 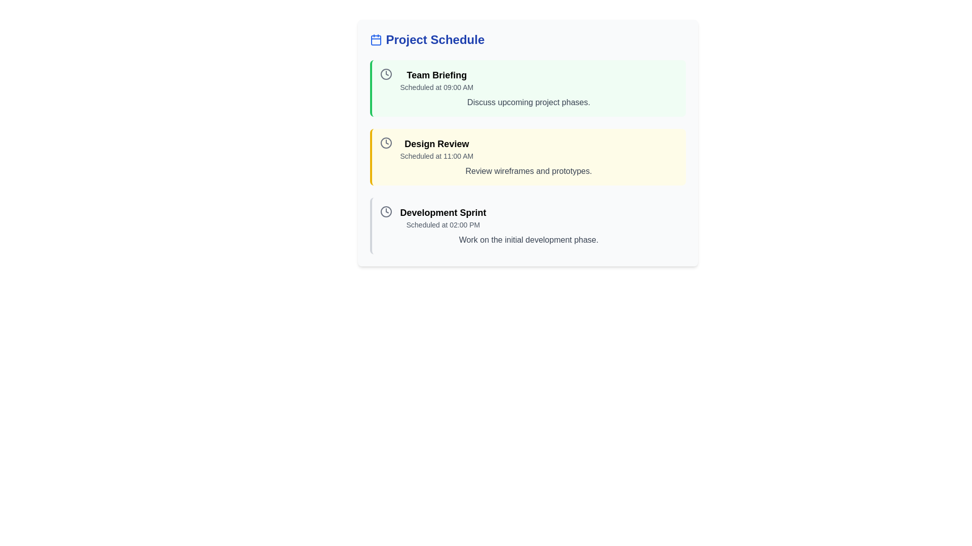 What do you see at coordinates (385, 143) in the screenshot?
I see `the visual cues within the circular outline of the second item under the 'Design Review' section in the 'Project Schedule' panel` at bounding box center [385, 143].